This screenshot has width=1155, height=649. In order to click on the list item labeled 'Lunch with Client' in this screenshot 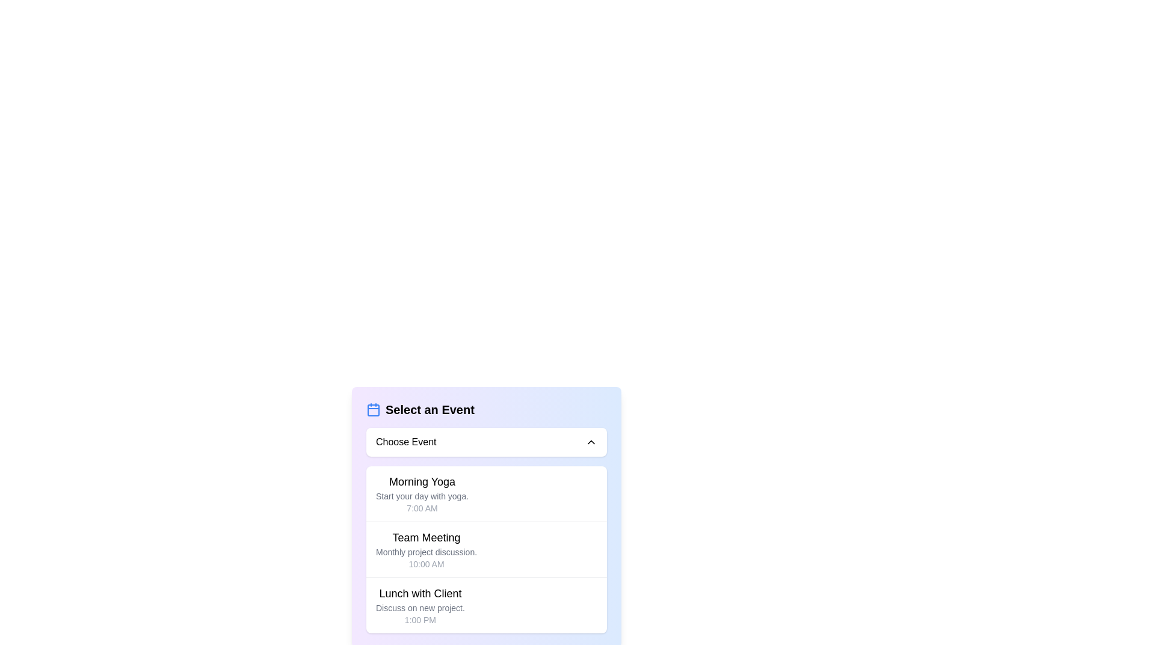, I will do `click(420, 605)`.